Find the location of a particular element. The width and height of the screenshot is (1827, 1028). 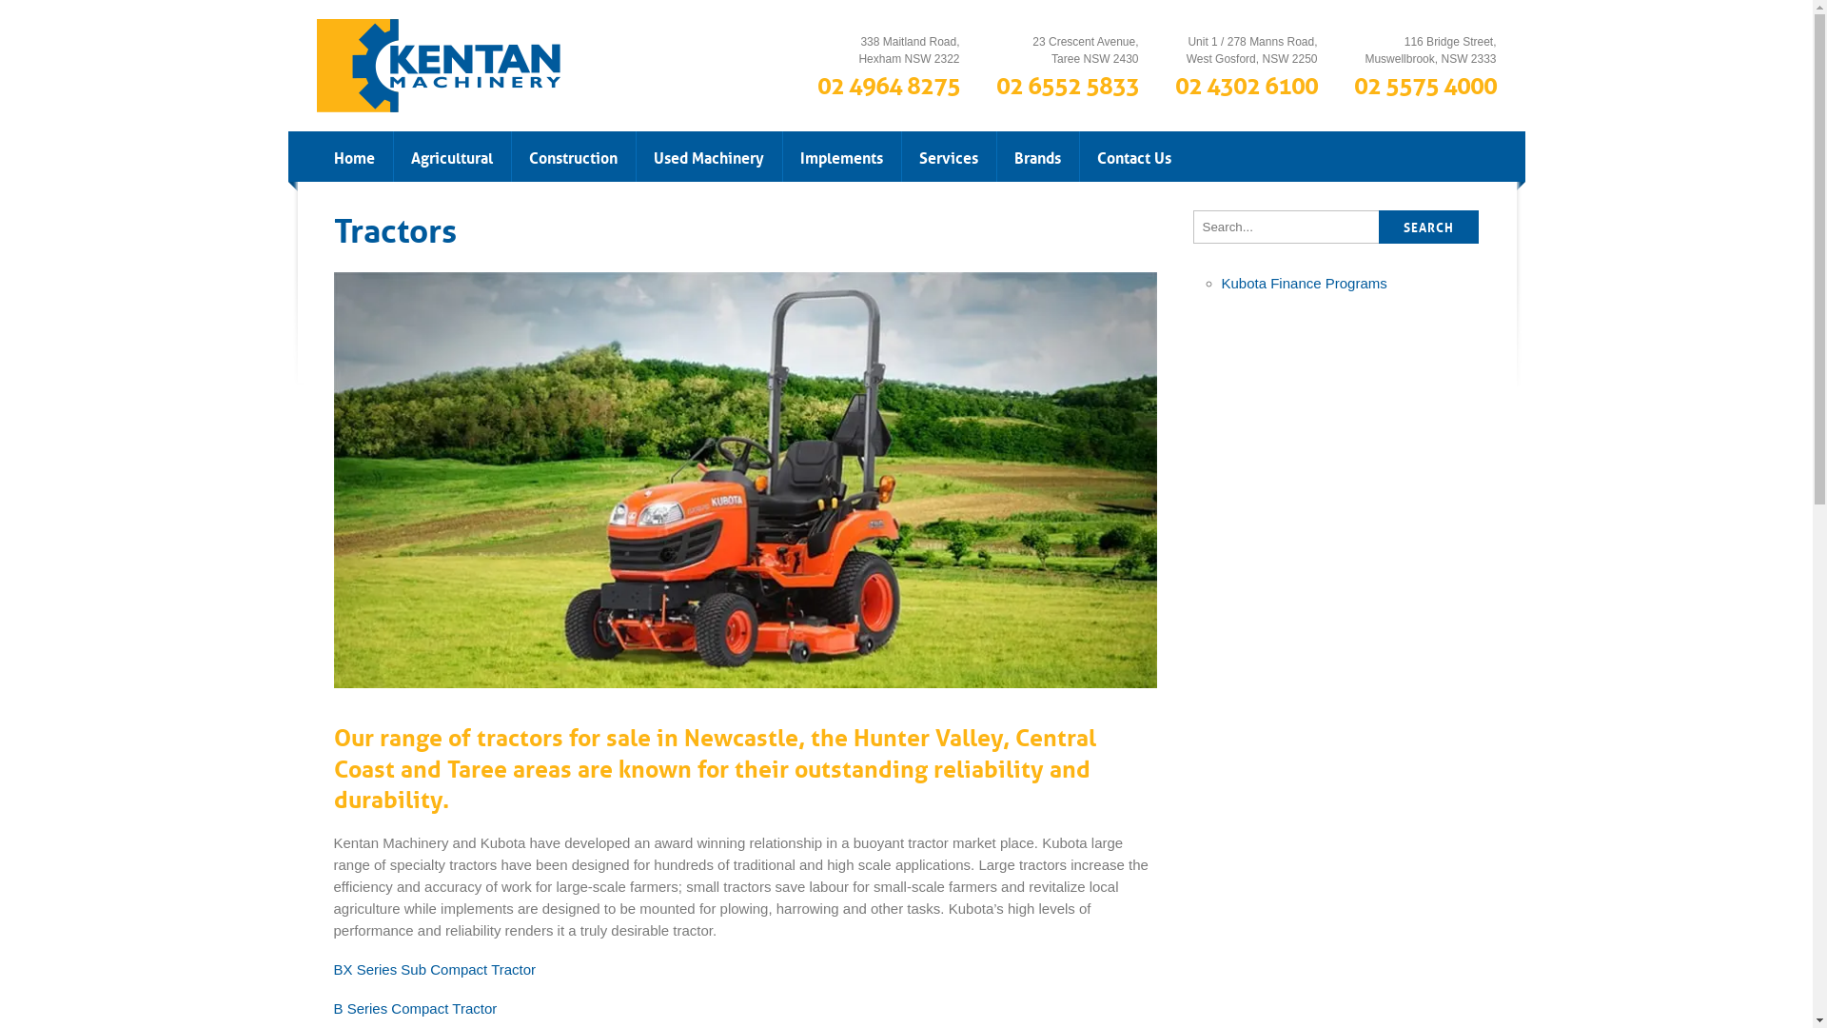

'02 6552 5833' is located at coordinates (1067, 82).